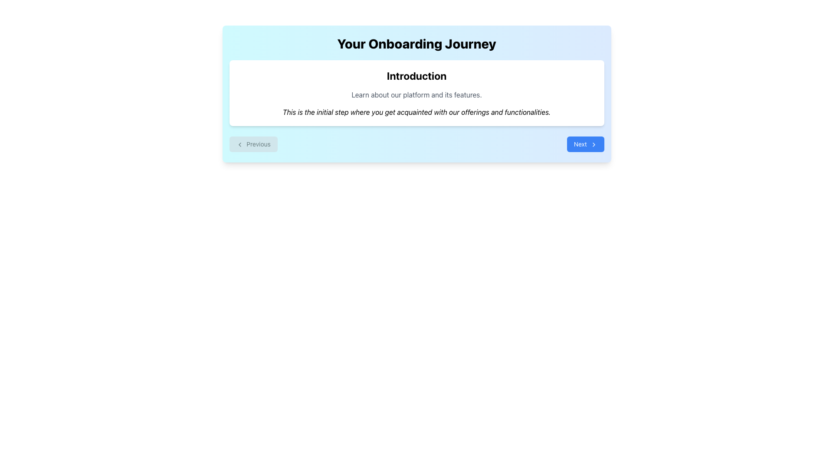 Image resolution: width=833 pixels, height=468 pixels. I want to click on header text located at the top of the onboarding section, which serves as the title summarizing the section's content, so click(416, 43).